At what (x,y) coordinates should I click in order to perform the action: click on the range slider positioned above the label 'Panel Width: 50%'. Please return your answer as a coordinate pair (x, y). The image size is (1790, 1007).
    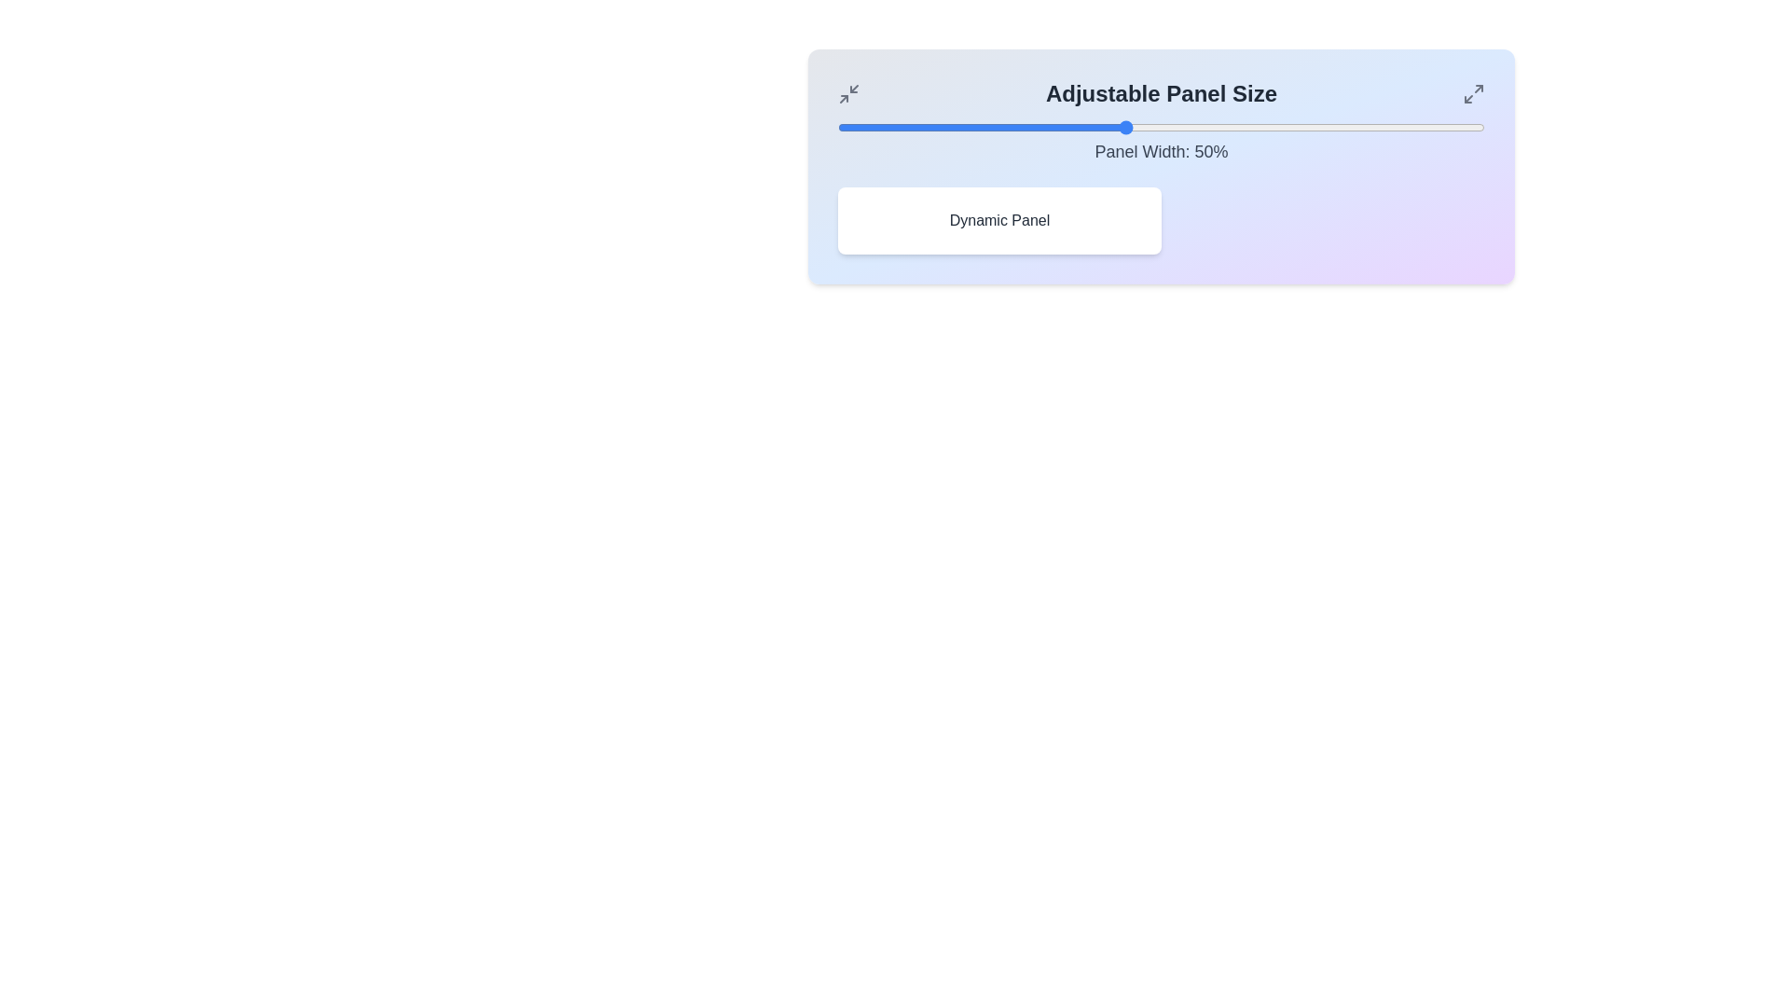
    Looking at the image, I should click on (1161, 127).